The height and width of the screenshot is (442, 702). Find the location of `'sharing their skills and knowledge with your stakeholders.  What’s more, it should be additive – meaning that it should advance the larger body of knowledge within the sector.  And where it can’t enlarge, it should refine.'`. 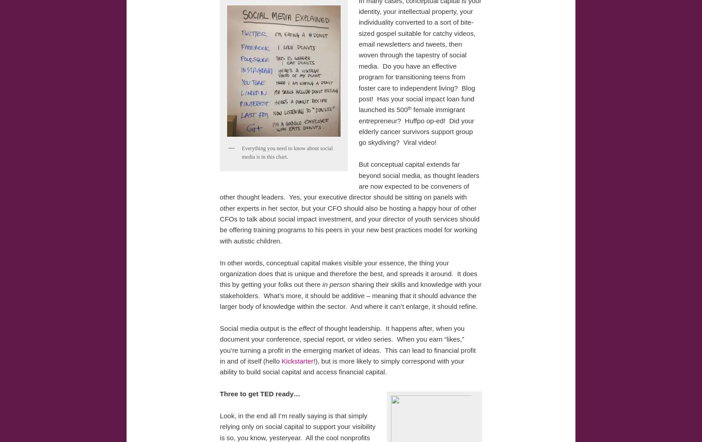

'sharing their skills and knowledge with your stakeholders.  What’s more, it should be additive – meaning that it should advance the larger body of knowledge within the sector.  And where it can’t enlarge, it should refine.' is located at coordinates (350, 295).